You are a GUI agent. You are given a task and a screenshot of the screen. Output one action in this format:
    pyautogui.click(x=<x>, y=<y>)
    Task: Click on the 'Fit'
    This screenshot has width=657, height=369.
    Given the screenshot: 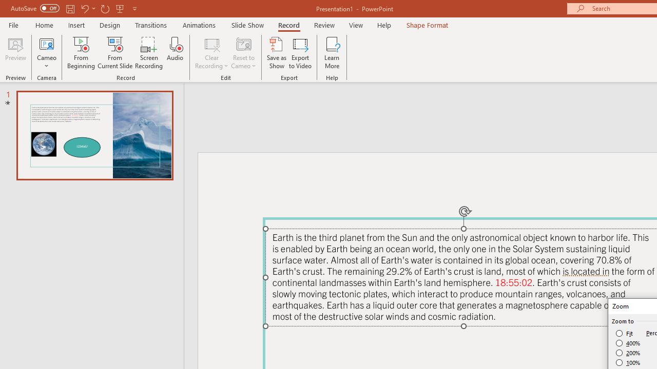 What is the action you would take?
    pyautogui.click(x=624, y=333)
    